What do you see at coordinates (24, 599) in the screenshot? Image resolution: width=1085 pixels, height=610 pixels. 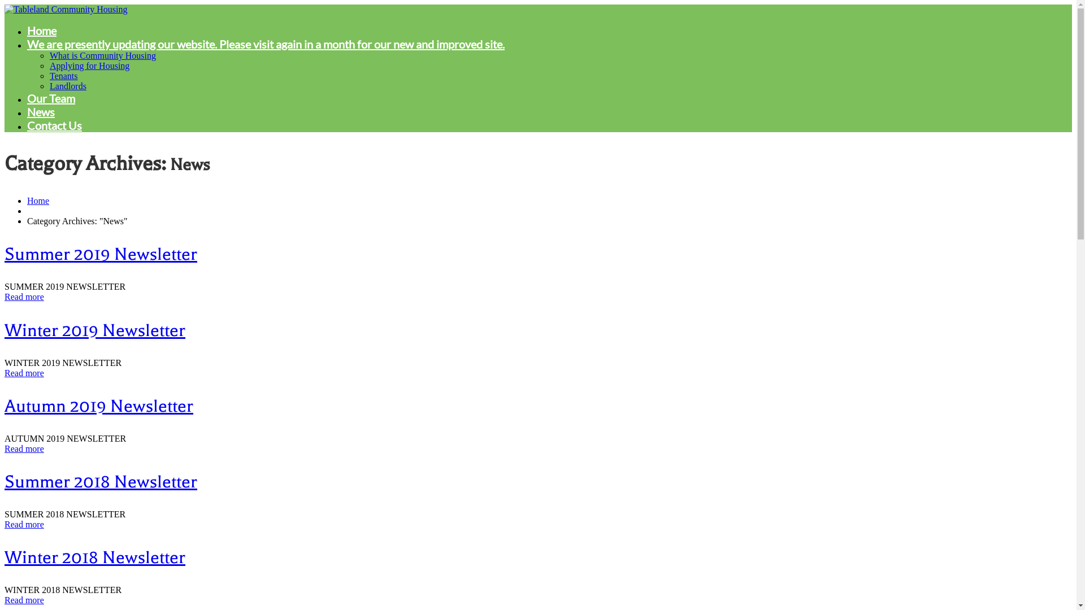 I see `'Read more'` at bounding box center [24, 599].